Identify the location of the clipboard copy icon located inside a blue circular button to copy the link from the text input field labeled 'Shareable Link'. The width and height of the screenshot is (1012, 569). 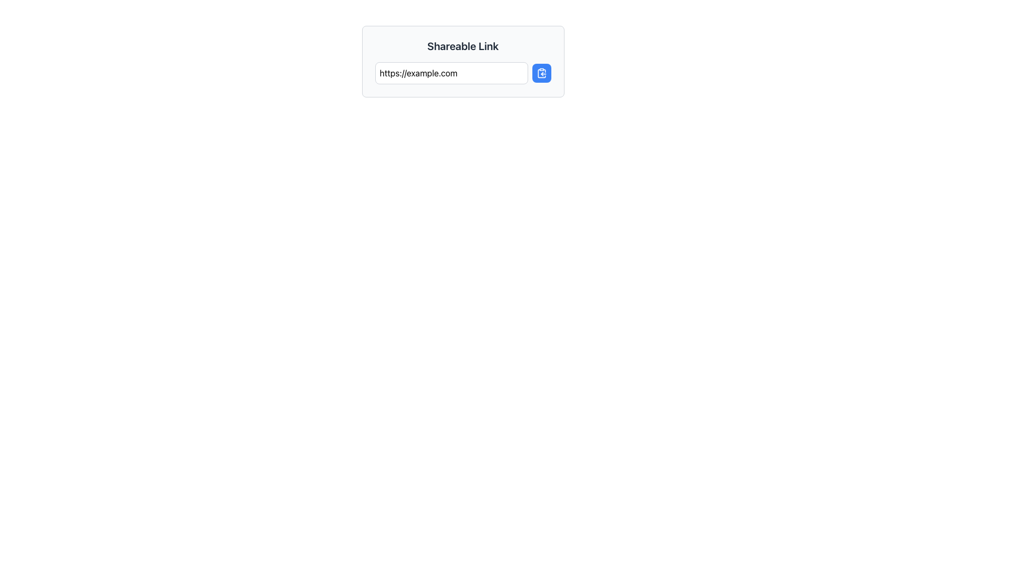
(541, 72).